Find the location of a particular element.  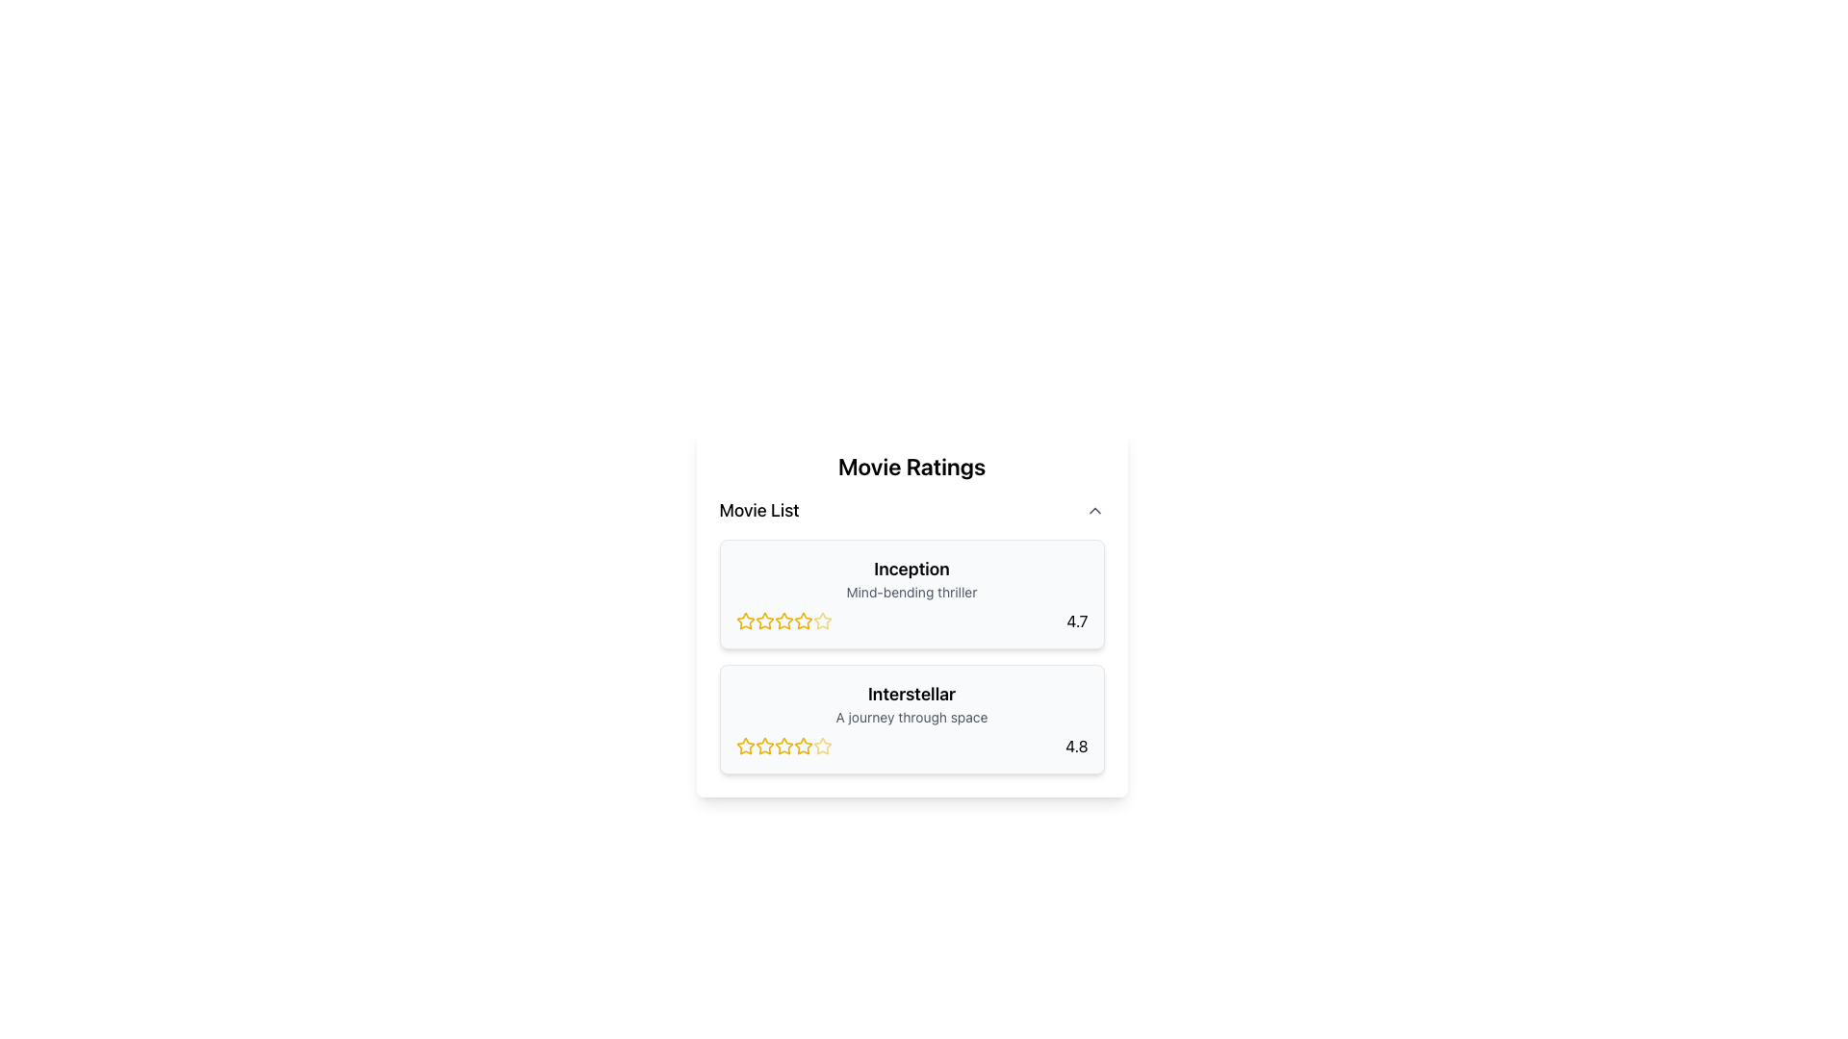

the fifth star icon in the rating system for the movie 'Inception' is located at coordinates (822, 621).